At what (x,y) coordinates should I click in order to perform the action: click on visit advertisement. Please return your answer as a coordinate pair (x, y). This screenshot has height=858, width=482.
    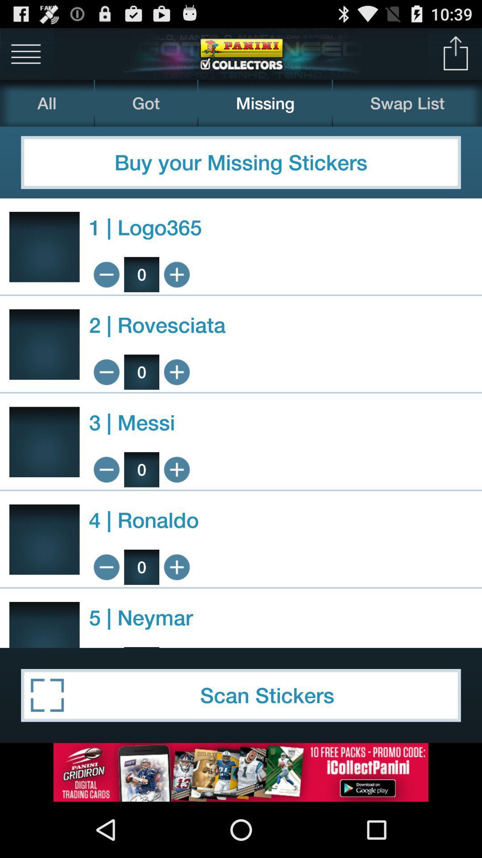
    Looking at the image, I should click on (241, 772).